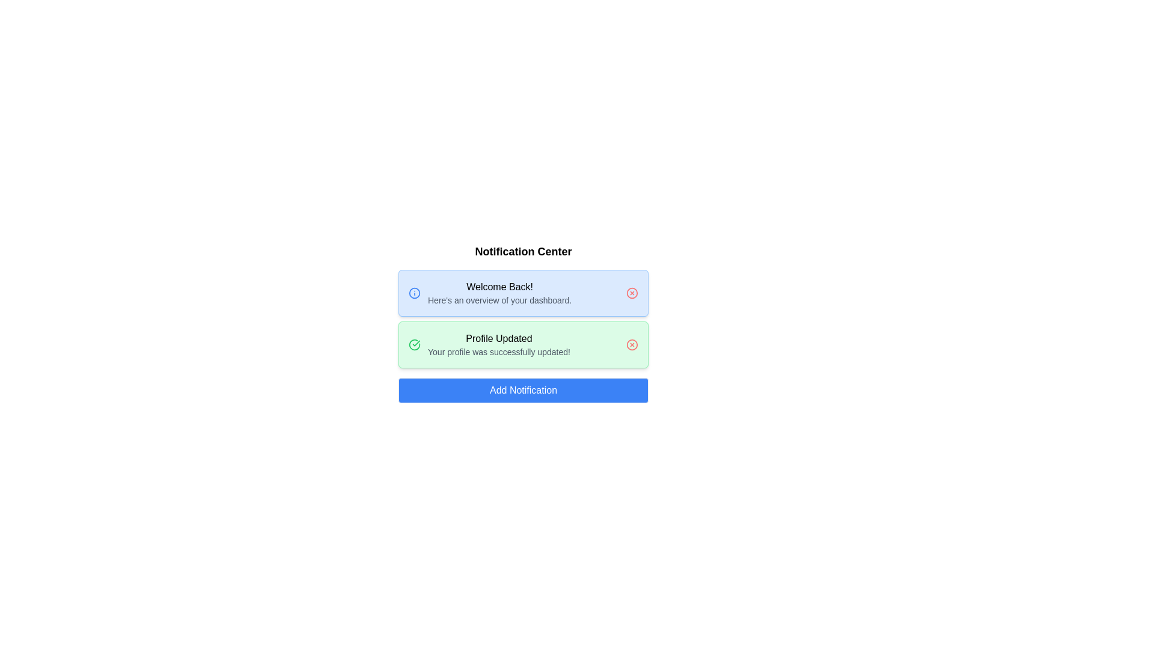  Describe the element at coordinates (631, 293) in the screenshot. I see `the close button located at the top-right corner of the 'Welcome Back!' notification card` at that location.